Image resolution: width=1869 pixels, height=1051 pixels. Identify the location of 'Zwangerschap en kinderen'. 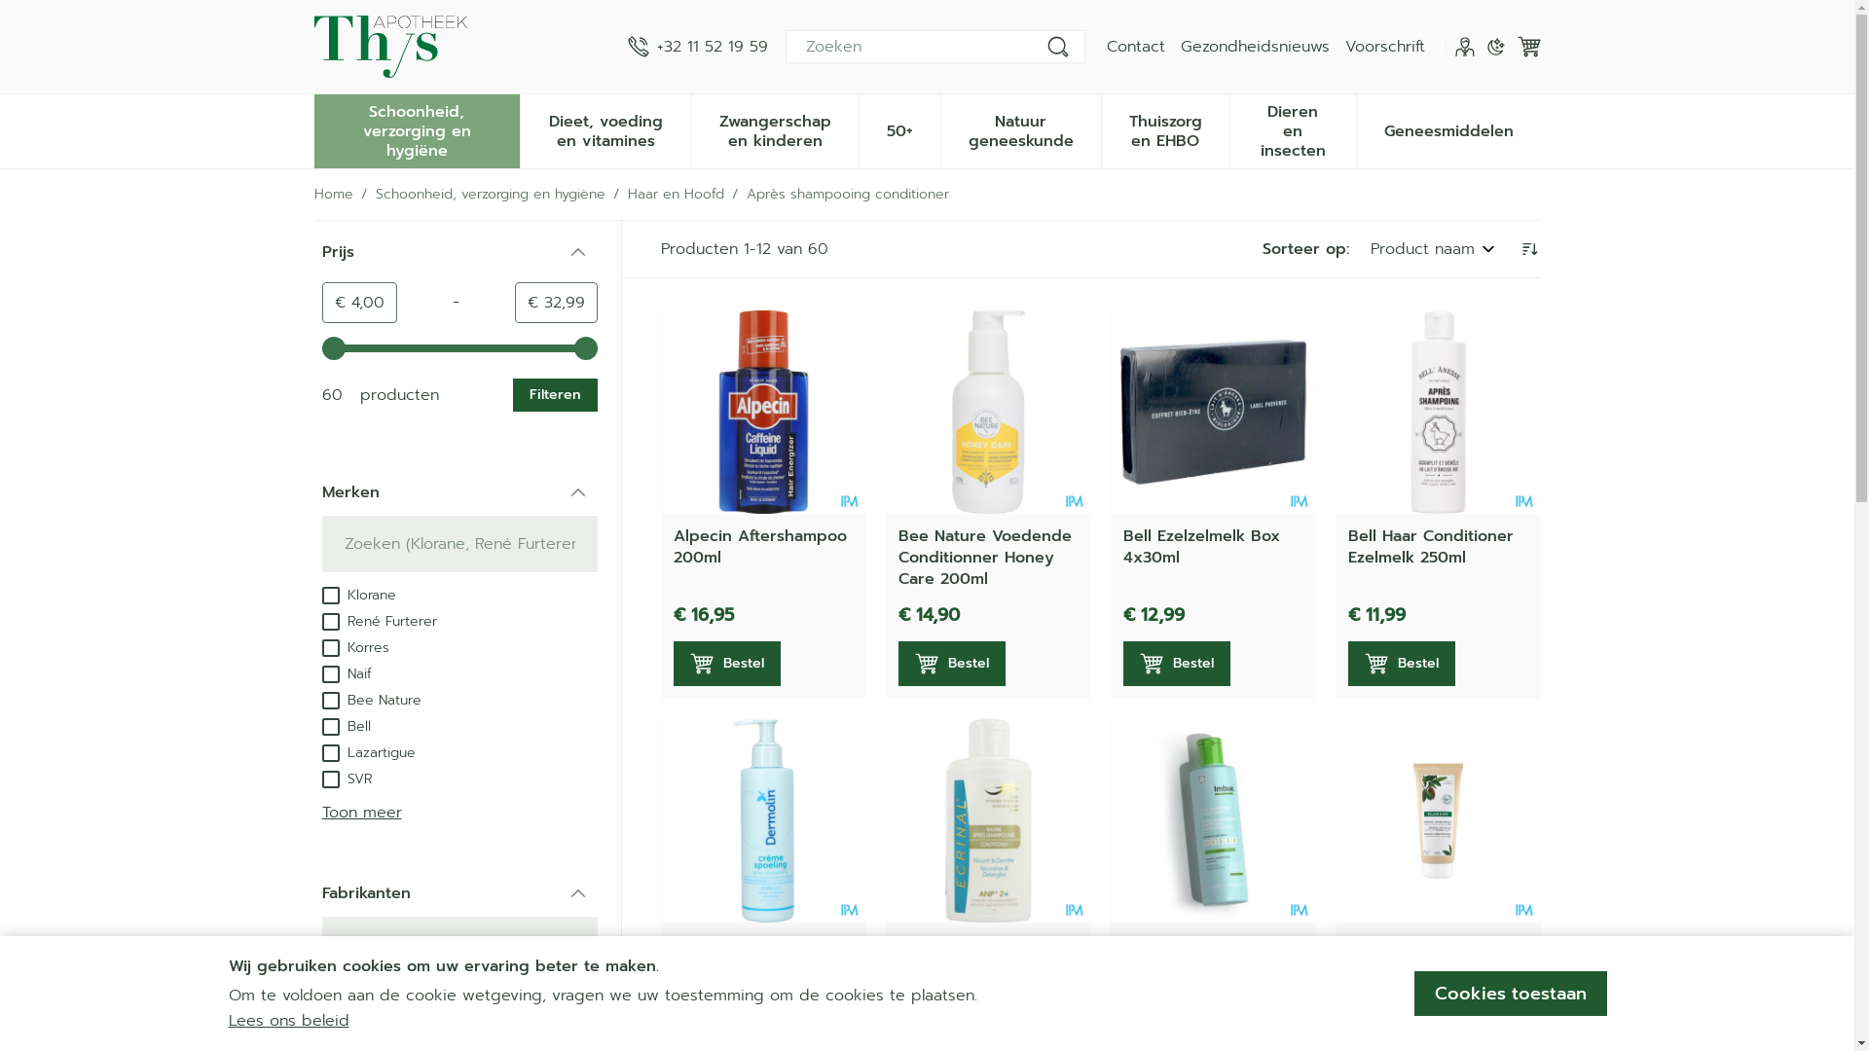
(774, 128).